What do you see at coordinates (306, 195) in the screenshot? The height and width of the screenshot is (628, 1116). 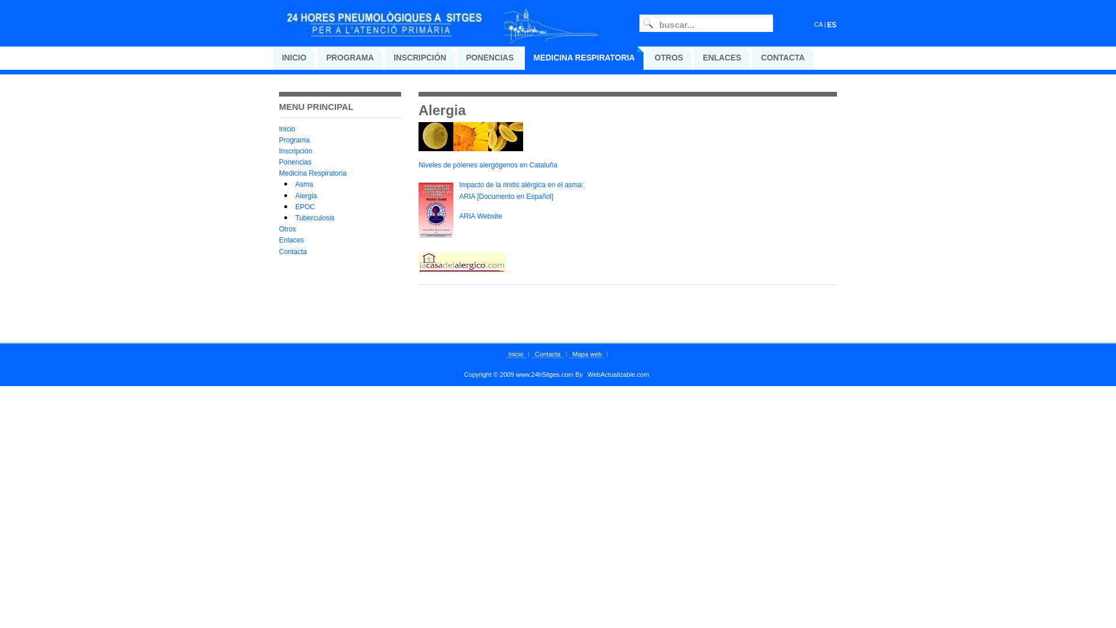 I see `'Alergia'` at bounding box center [306, 195].